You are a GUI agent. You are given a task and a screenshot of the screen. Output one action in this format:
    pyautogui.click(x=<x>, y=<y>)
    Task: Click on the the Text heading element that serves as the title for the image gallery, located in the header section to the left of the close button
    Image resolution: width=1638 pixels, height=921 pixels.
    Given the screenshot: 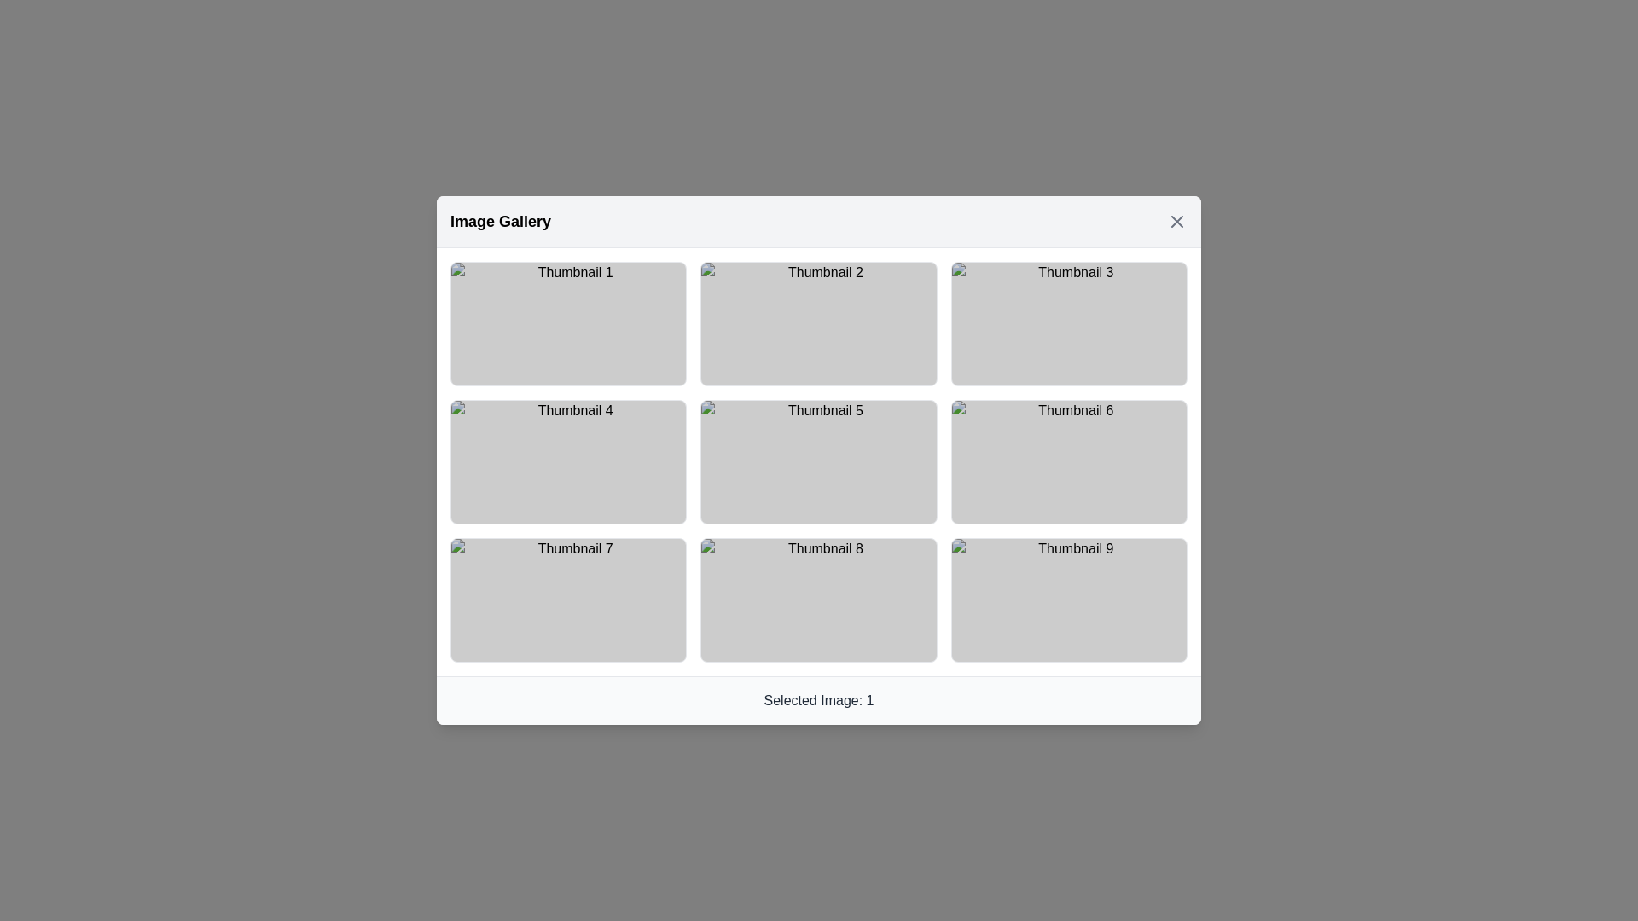 What is the action you would take?
    pyautogui.click(x=499, y=220)
    